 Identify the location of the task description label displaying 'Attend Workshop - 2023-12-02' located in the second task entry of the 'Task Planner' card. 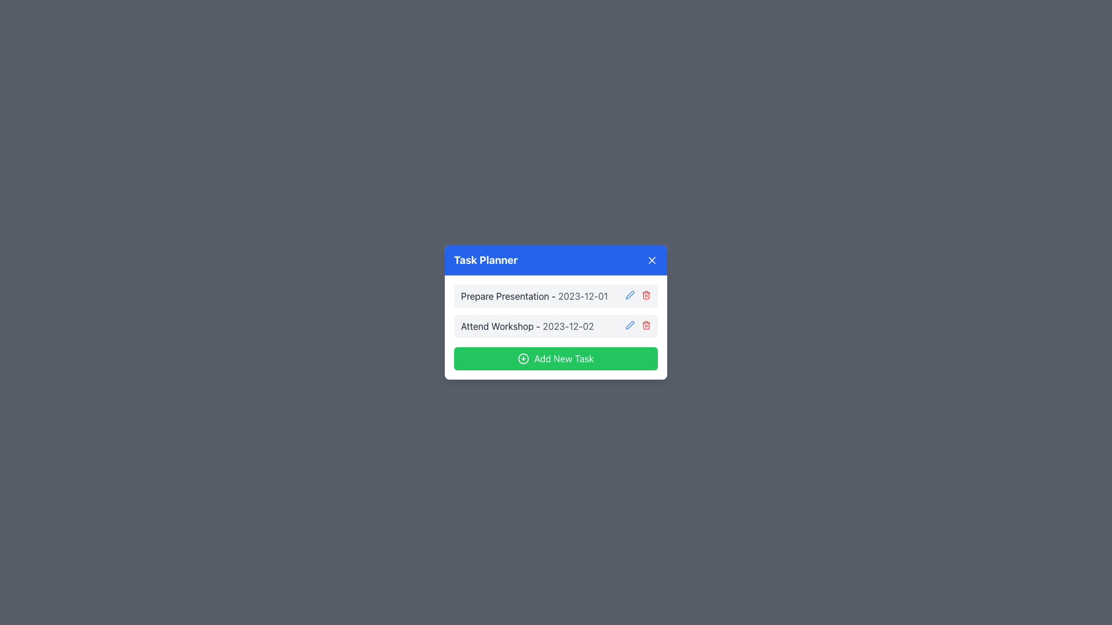
(526, 326).